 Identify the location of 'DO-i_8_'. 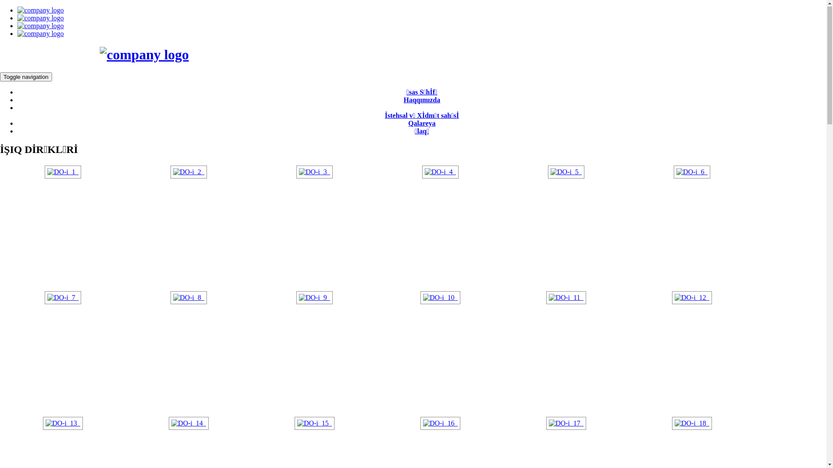
(188, 297).